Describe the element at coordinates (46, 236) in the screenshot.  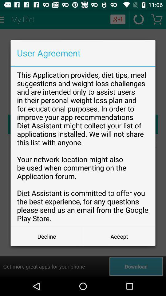
I see `item next to accept icon` at that location.